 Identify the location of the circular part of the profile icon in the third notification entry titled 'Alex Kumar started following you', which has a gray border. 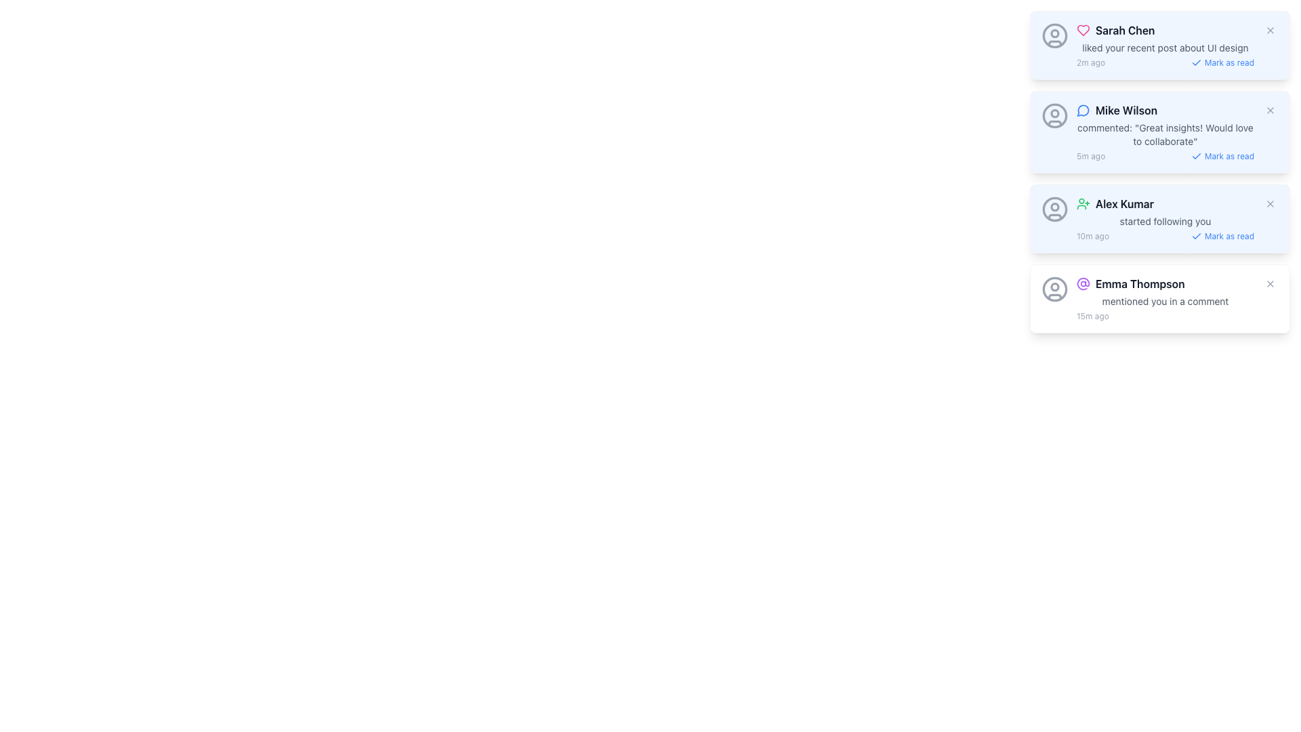
(1054, 209).